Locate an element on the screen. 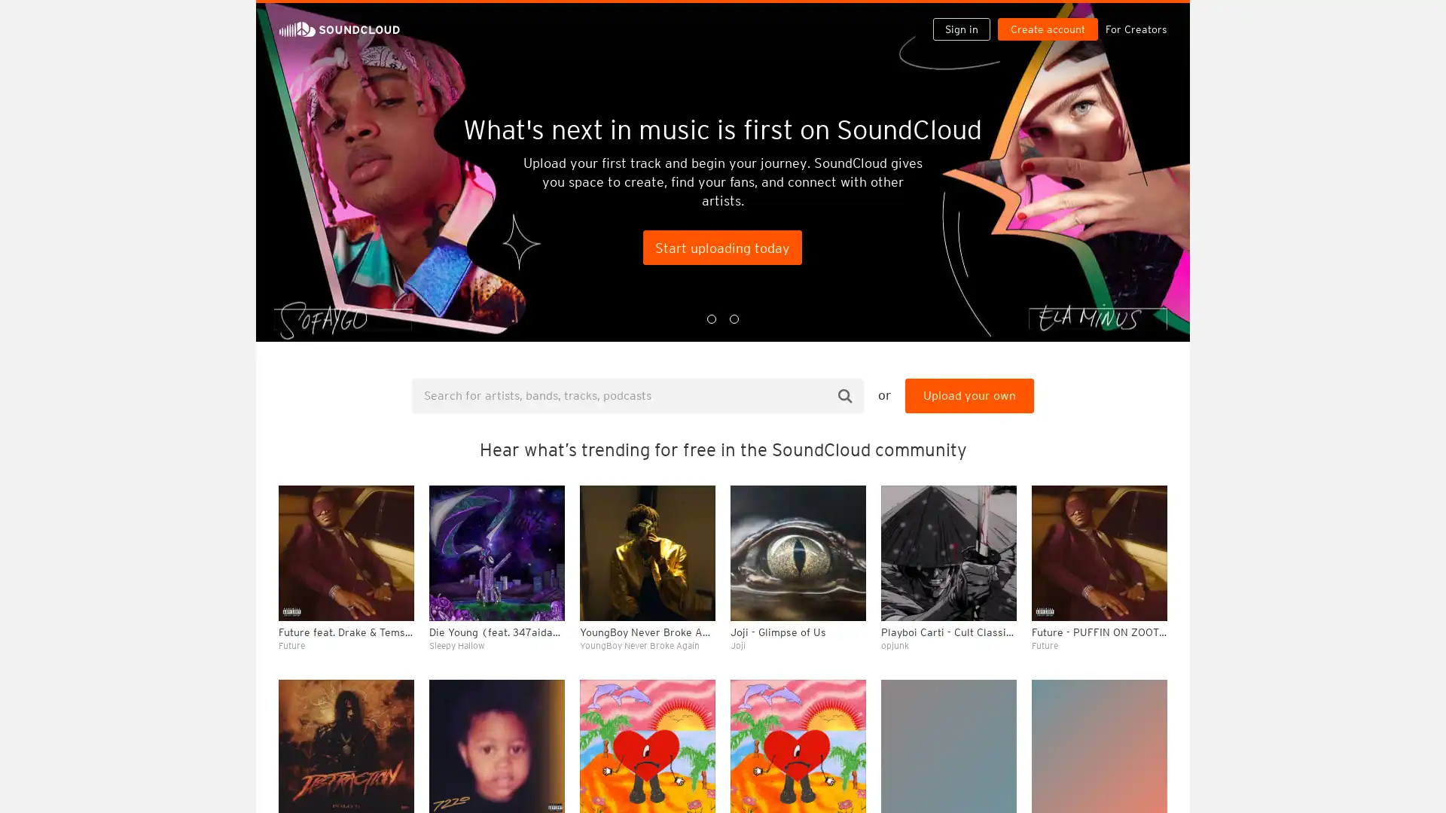 This screenshot has width=1446, height=813. Search is located at coordinates (913, 17).